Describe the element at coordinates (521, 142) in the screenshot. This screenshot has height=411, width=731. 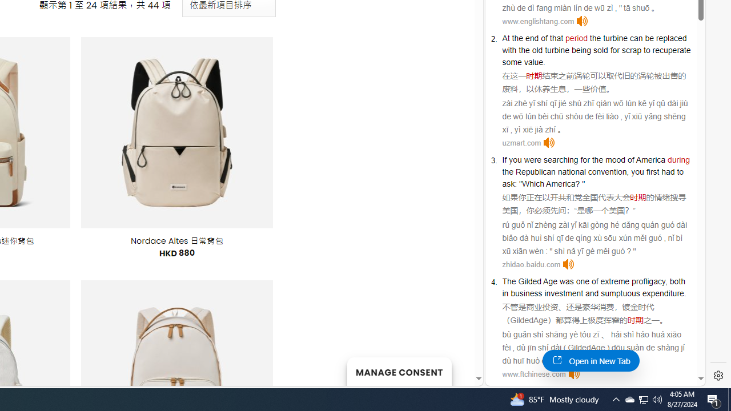
I see `'uzmart.com'` at that location.